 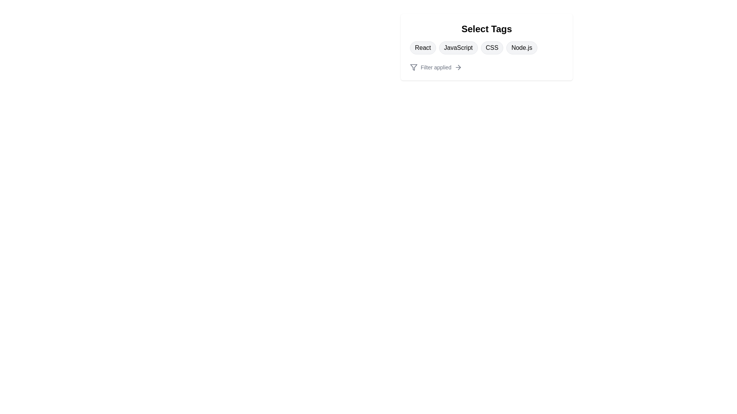 I want to click on the icon located at the far-right end of the 'Filter applied' section, immediately to the right of the 'Filter applied' text and filter icon, so click(x=458, y=67).